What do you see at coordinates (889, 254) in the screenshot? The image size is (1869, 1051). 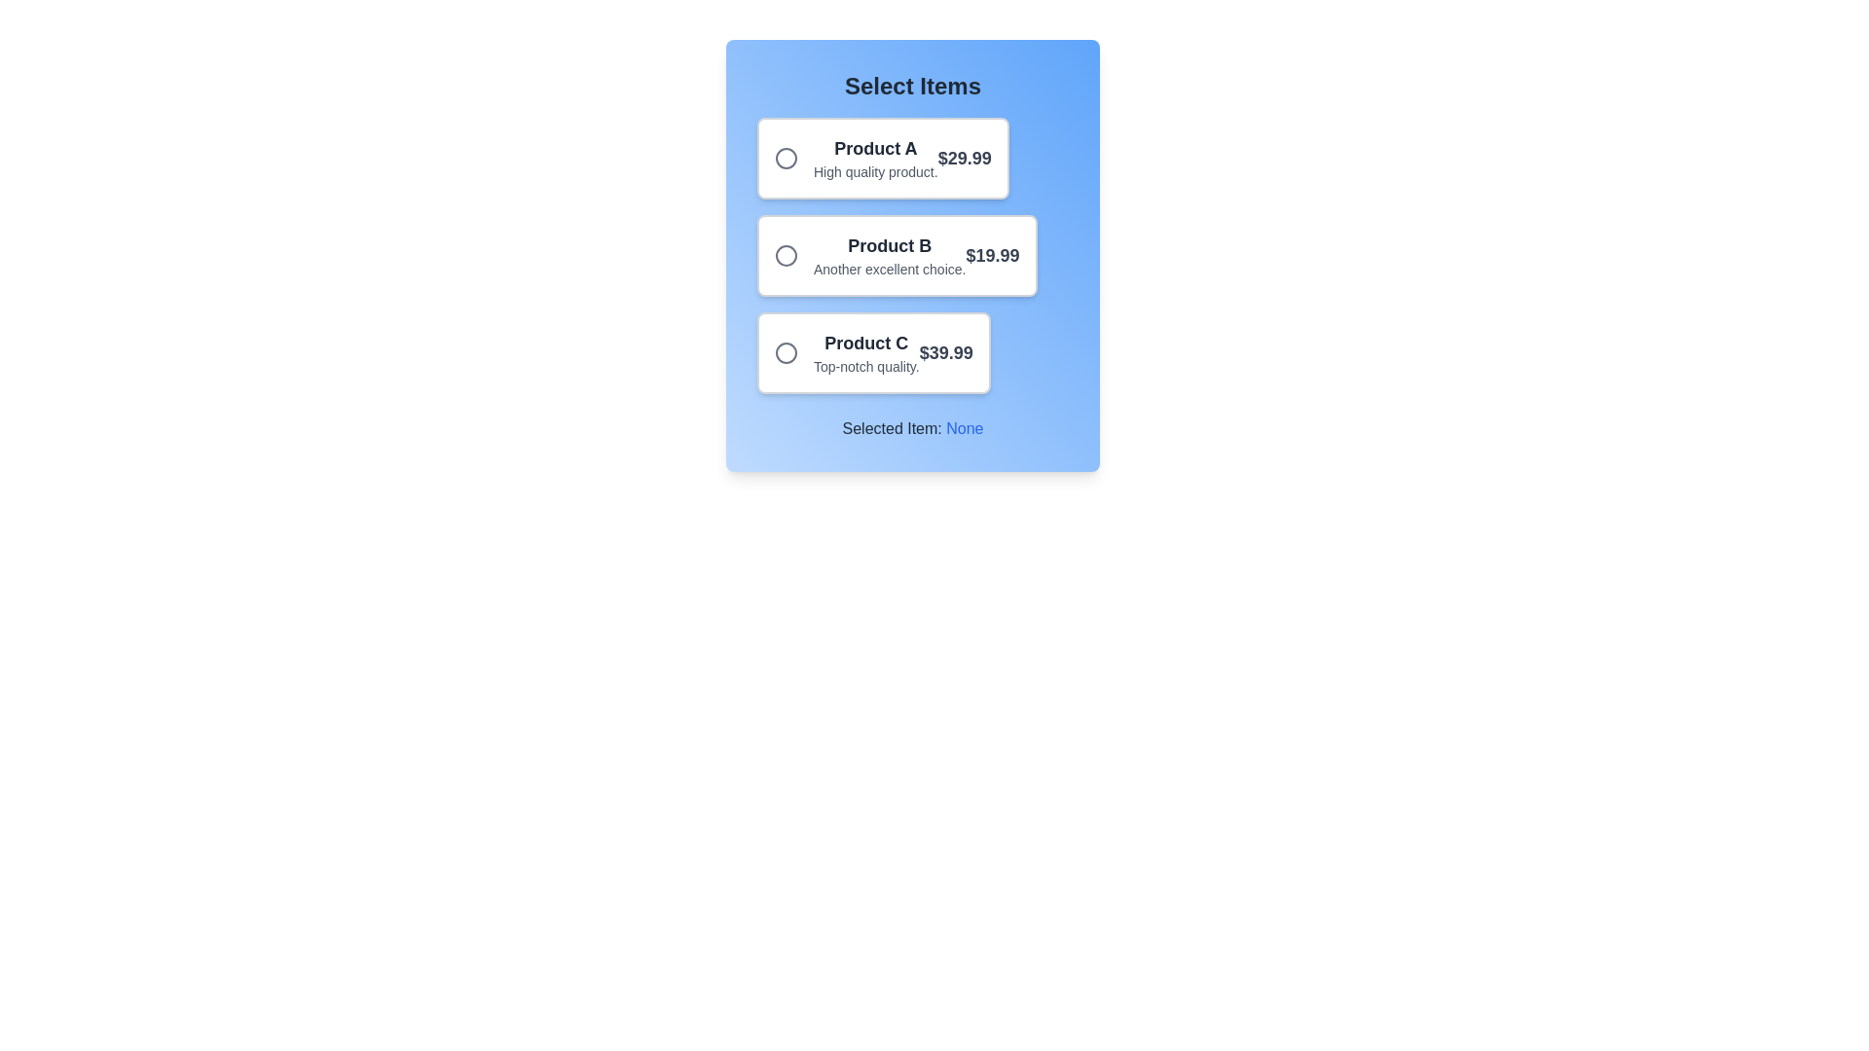 I see `the static text display that shows 'Product B' and 'Another excellent choice.' positioned in the second product card above the price '$19.99'` at bounding box center [889, 254].